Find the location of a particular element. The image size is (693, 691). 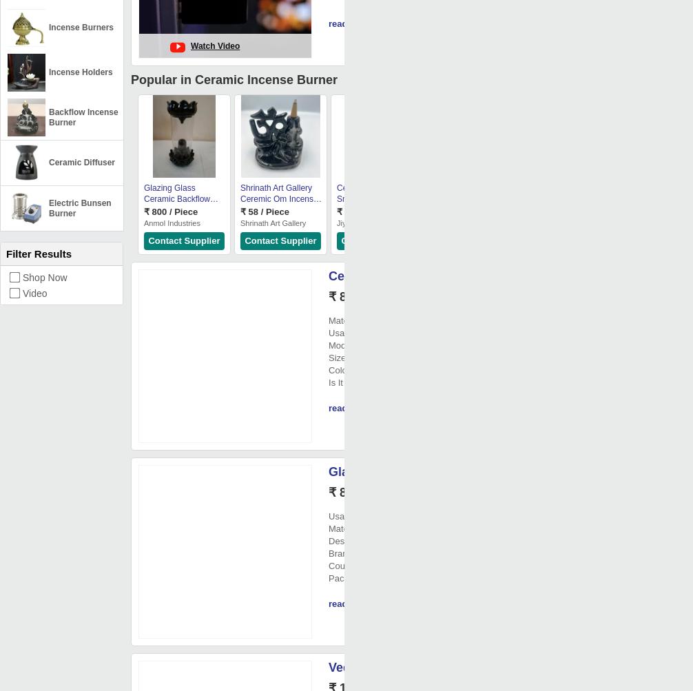

'Song Of India (A Brand Of Ashoca Wellness)' is located at coordinates (568, 227).